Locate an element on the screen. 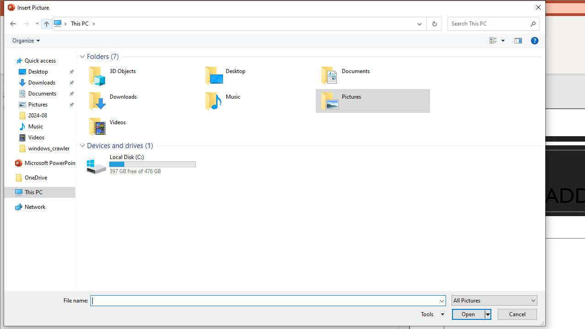 The height and width of the screenshot is (329, 585). 'Command Module' is located at coordinates (274, 40).